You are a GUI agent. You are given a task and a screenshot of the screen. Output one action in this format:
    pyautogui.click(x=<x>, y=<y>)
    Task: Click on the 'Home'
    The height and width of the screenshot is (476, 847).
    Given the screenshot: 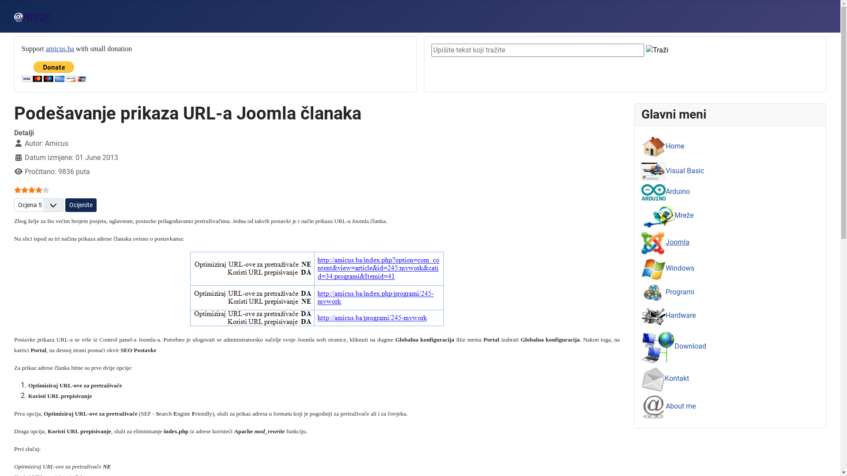 What is the action you would take?
    pyautogui.click(x=663, y=145)
    